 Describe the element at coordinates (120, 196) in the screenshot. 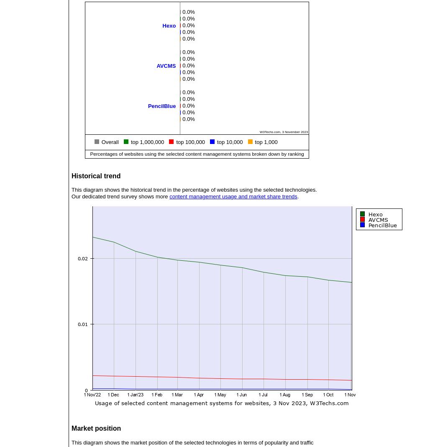

I see `'Our dedicated trend survey shows more'` at that location.